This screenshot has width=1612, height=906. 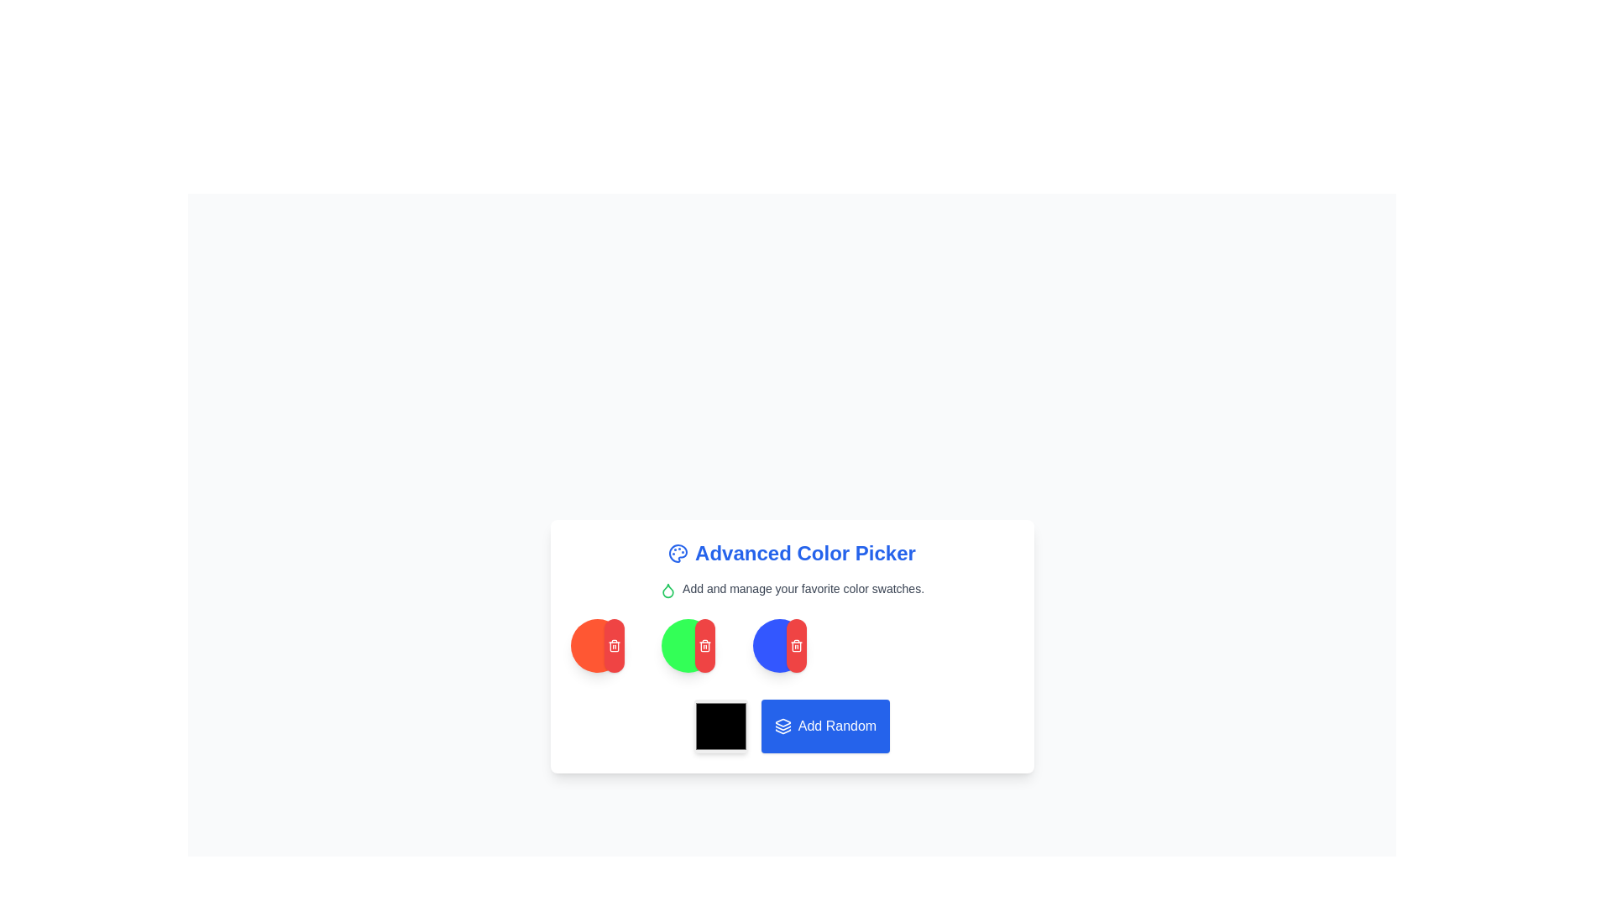 I want to click on the third circular button in the horizontal sequence under 'Advanced Color Picker' to invoke the trash action, which is represented by a red overlay, so click(x=688, y=644).